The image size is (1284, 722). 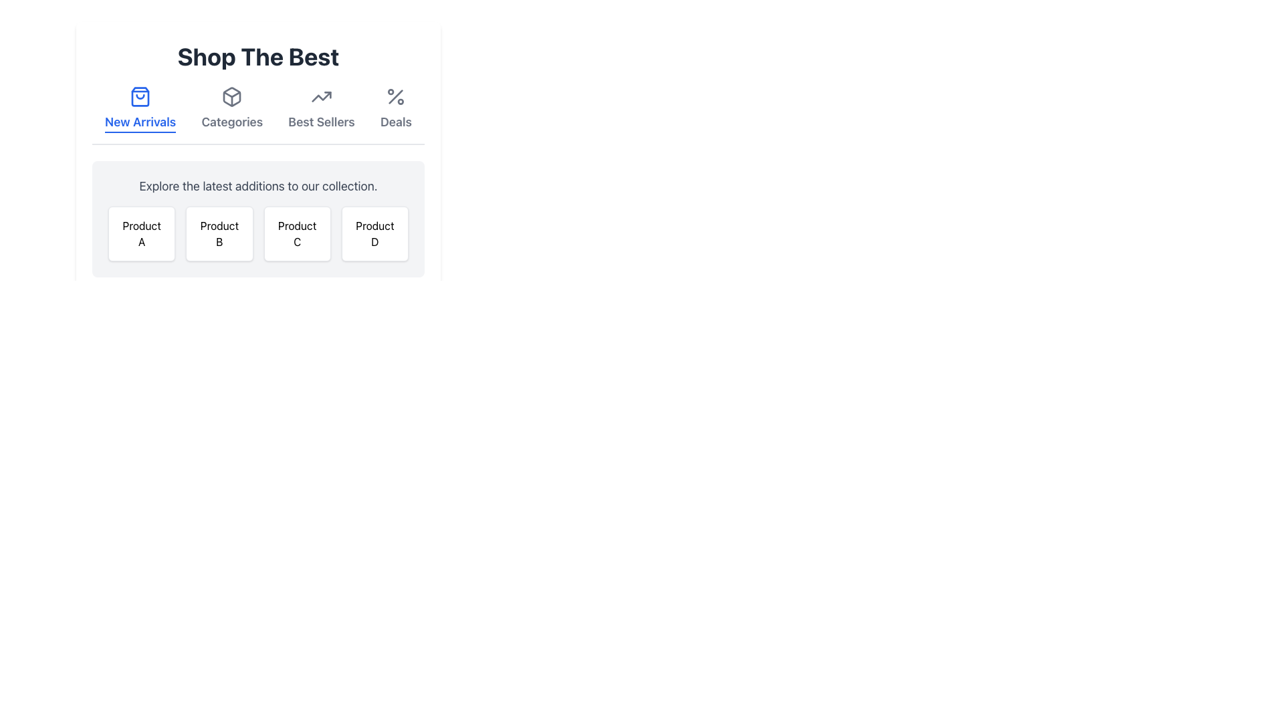 What do you see at coordinates (140, 122) in the screenshot?
I see `the text label with hyperlink functionality that directs to the new arrivals section in the catalog, located below the shopping bag icon in the navigation bar` at bounding box center [140, 122].